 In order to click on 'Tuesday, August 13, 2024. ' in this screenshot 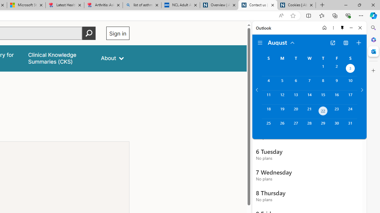, I will do `click(296, 97)`.